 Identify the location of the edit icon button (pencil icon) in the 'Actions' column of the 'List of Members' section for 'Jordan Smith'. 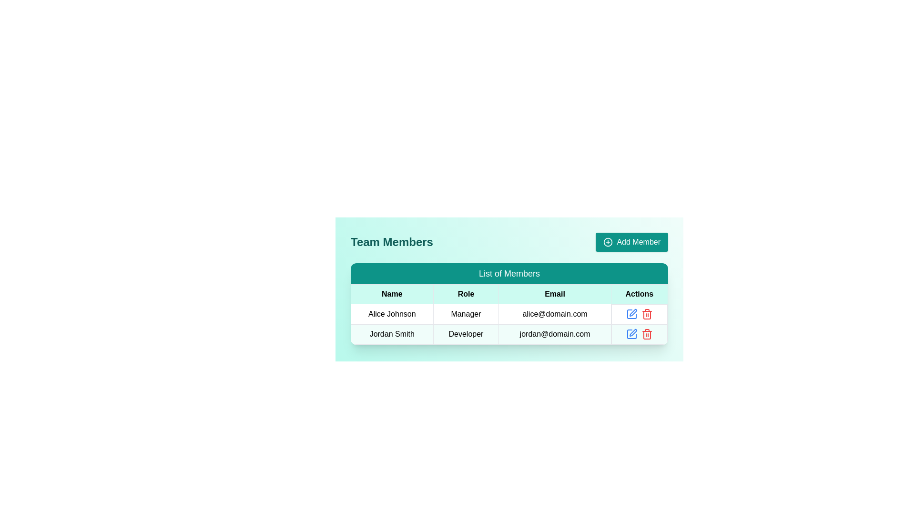
(633, 312).